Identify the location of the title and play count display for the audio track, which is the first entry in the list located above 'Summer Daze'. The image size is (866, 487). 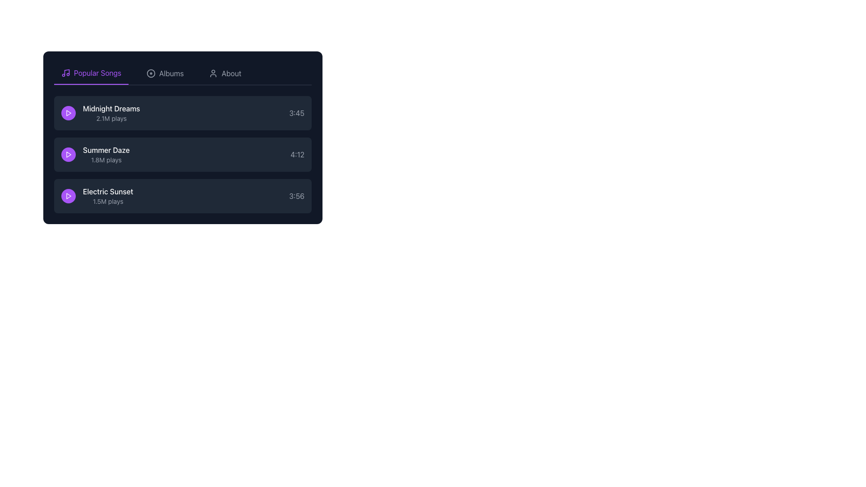
(101, 112).